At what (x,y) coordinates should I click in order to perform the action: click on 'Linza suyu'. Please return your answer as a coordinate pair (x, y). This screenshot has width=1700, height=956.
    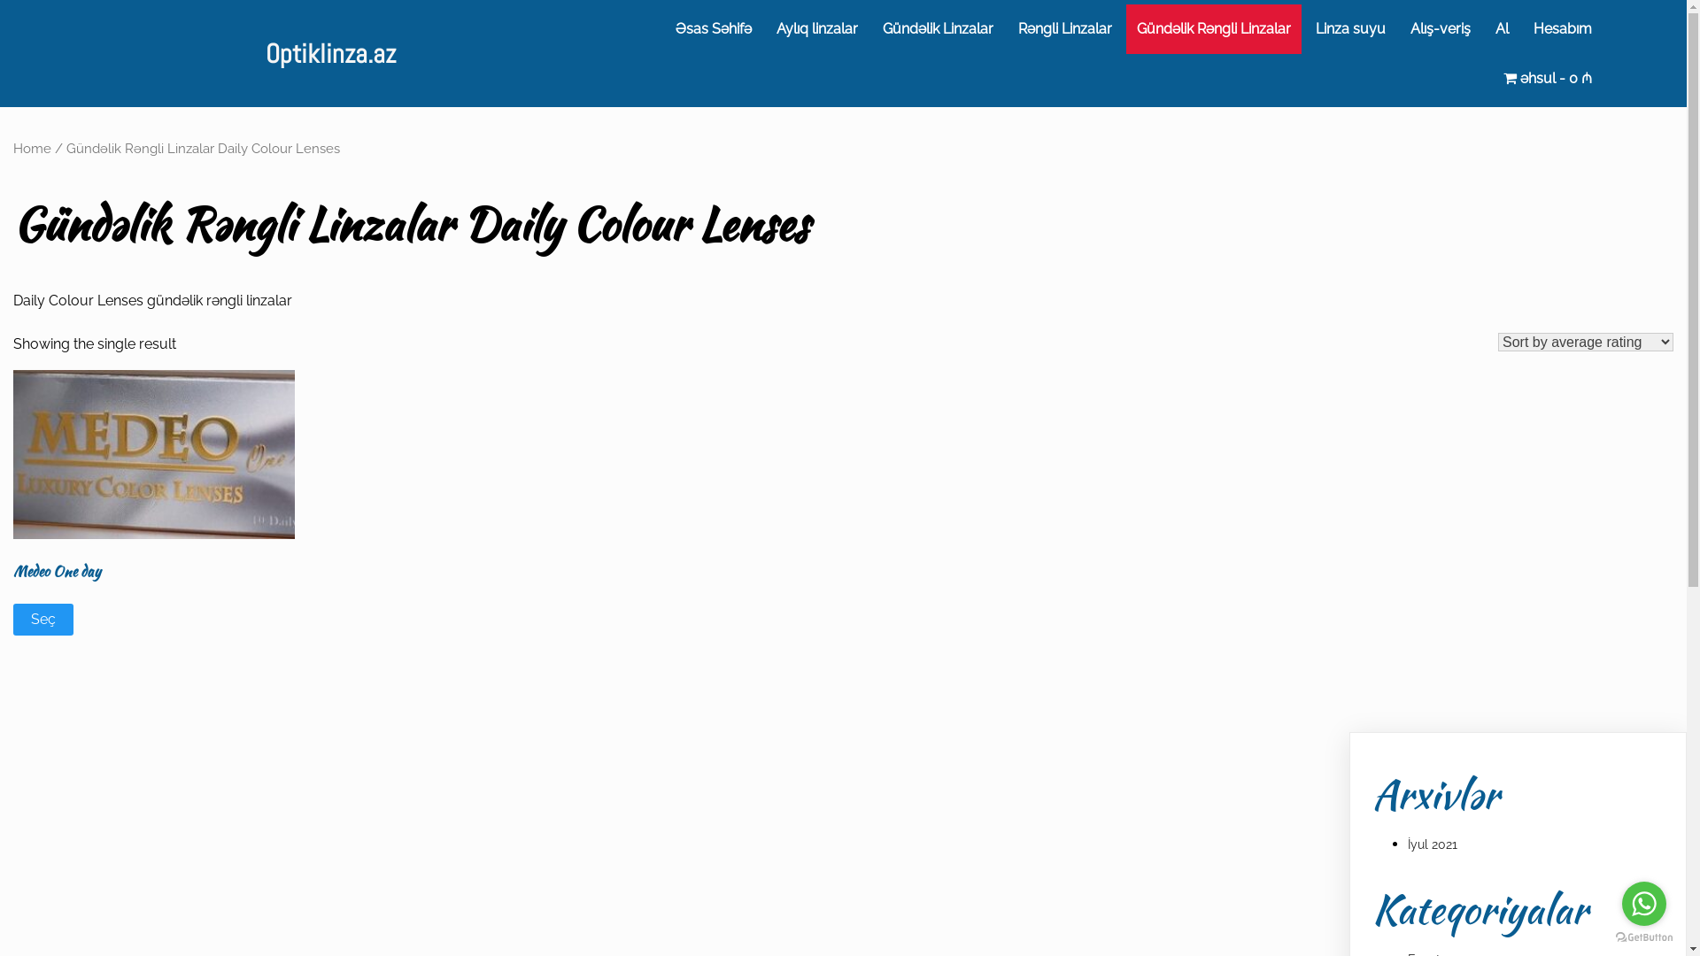
    Looking at the image, I should click on (1349, 29).